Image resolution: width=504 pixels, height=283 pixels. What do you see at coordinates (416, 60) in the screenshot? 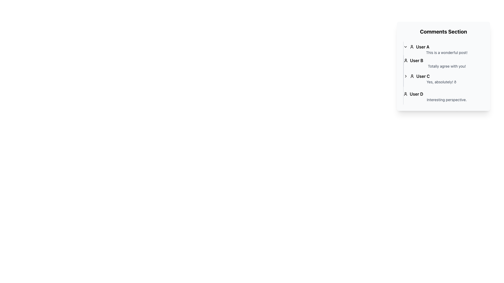
I see `the text label 'User B' styled in bold font located in the comments section, positioned below 'User A' and preceded by a user icon` at bounding box center [416, 60].